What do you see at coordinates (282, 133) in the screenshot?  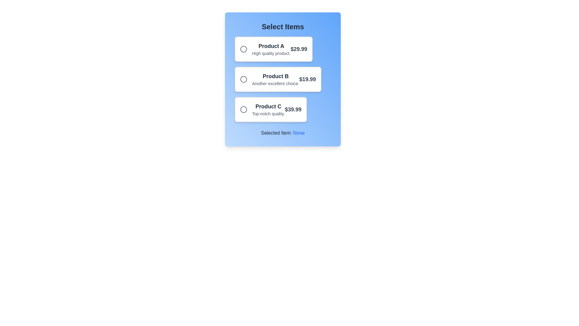 I see `the text label that displays 'Selected Item: None'` at bounding box center [282, 133].